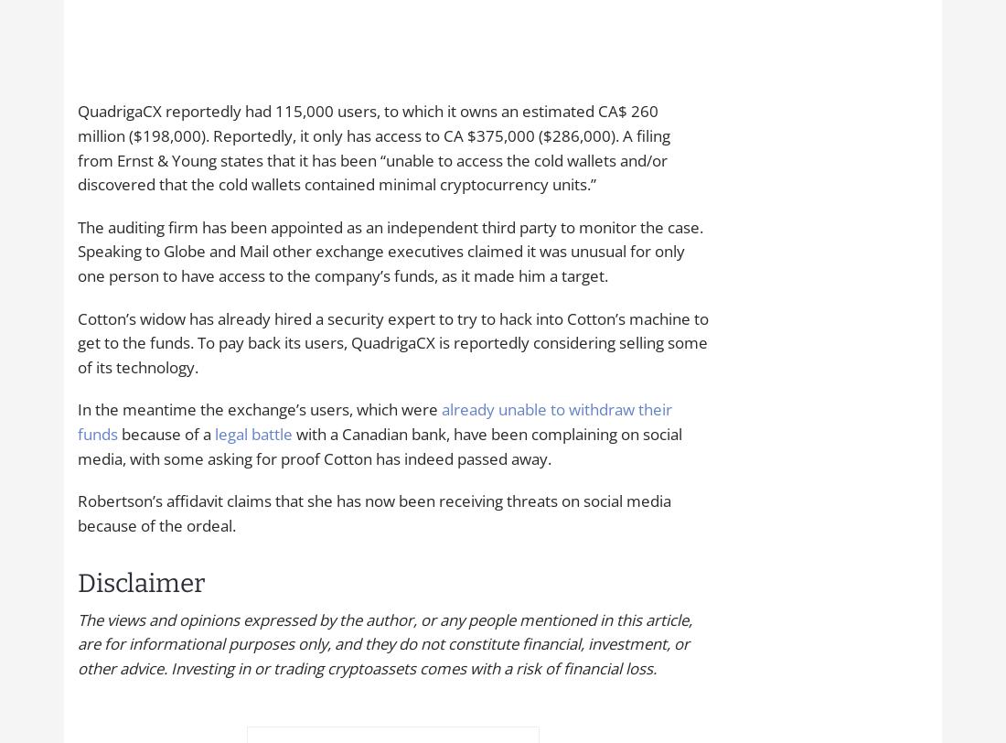  What do you see at coordinates (383, 643) in the screenshot?
I see `'The views and opinions expressed by the author, or any people mentioned in this article, are for informational purposes only, and they do not constitute financial, investment, or other advice. Investing in or trading cryptoassets comes with a risk of financial loss.'` at bounding box center [383, 643].